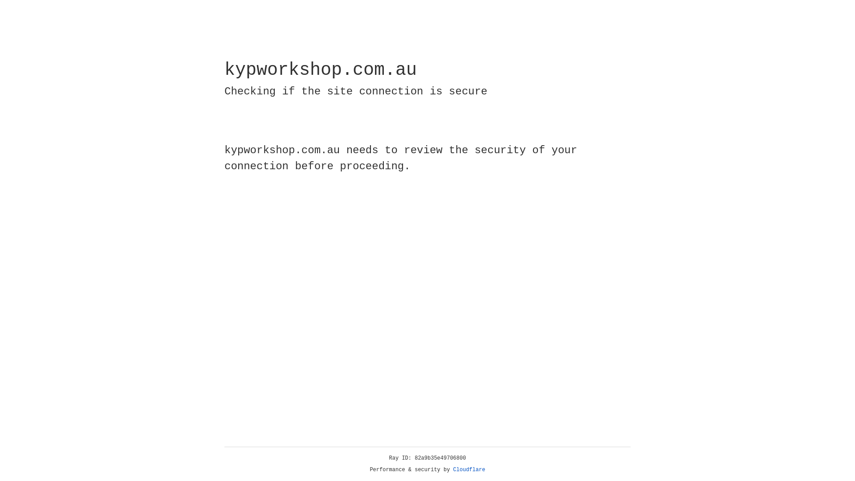 The height and width of the screenshot is (481, 855). Describe the element at coordinates (469, 469) in the screenshot. I see `'Cloudflare'` at that location.